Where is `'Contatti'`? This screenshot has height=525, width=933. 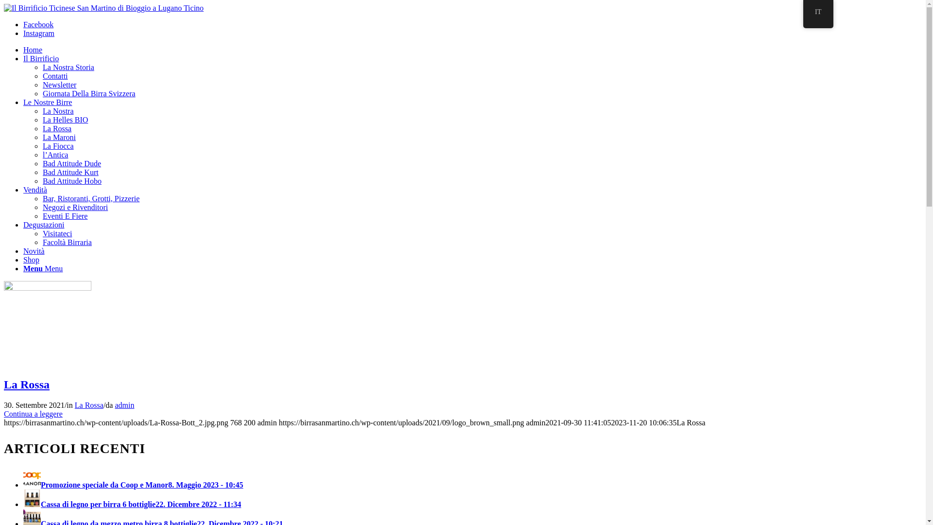 'Contatti' is located at coordinates (42, 75).